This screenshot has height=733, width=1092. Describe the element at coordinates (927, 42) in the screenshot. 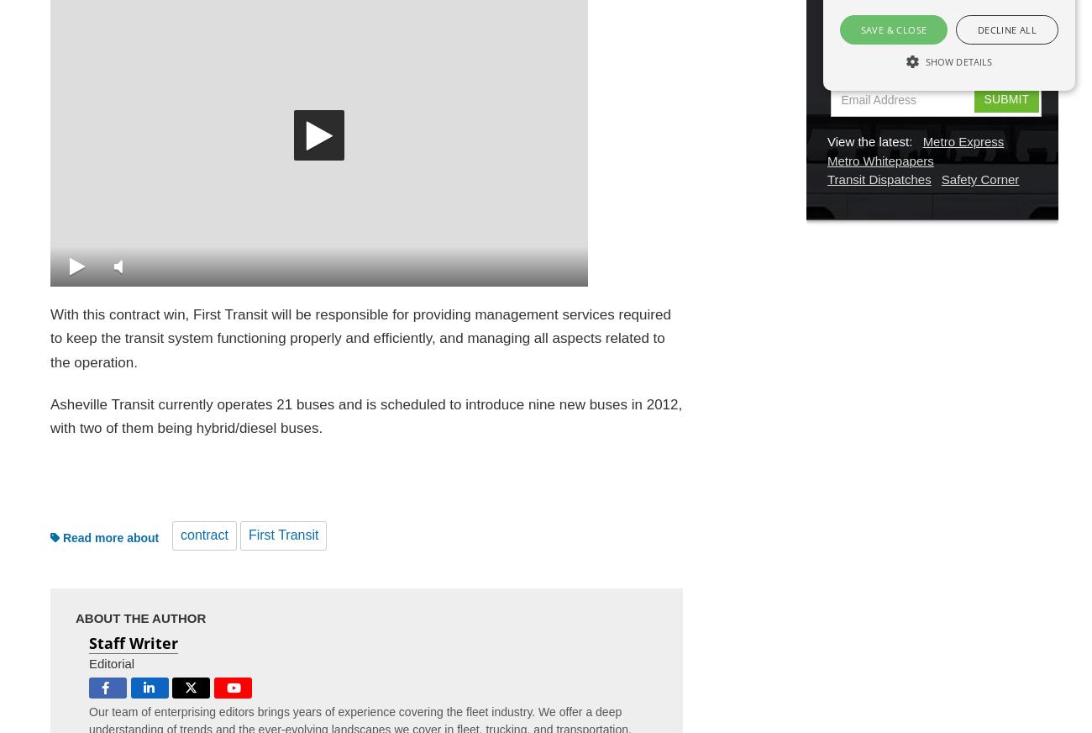

I see `'By clicking the submit button below, you are agreeing with Bobit Business Media’s'` at that location.